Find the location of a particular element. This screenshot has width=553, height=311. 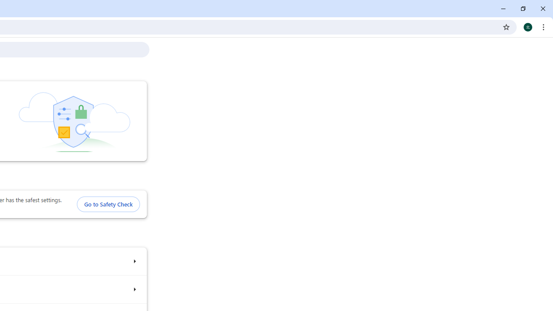

'Go to Safety Check' is located at coordinates (108, 204).